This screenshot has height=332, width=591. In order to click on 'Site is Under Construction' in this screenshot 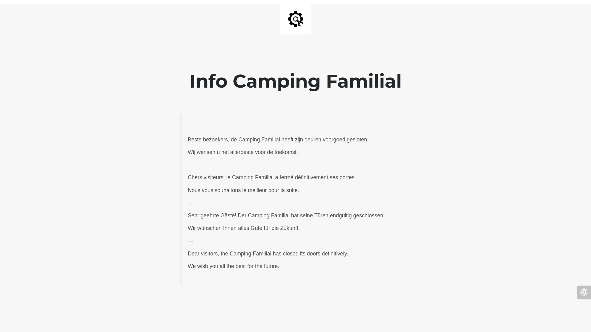, I will do `click(295, 18)`.